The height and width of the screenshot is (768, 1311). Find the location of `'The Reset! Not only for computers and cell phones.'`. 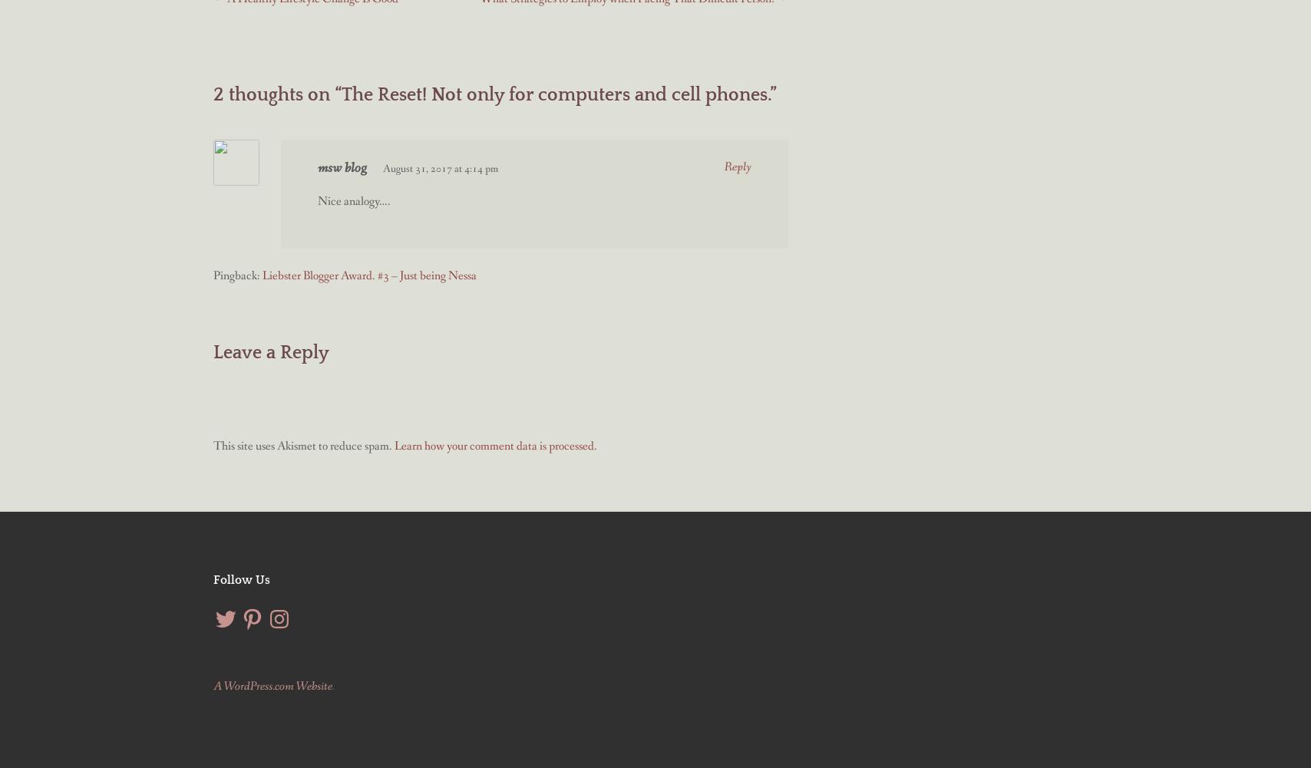

'The Reset! Not only for computers and cell phones.' is located at coordinates (341, 94).